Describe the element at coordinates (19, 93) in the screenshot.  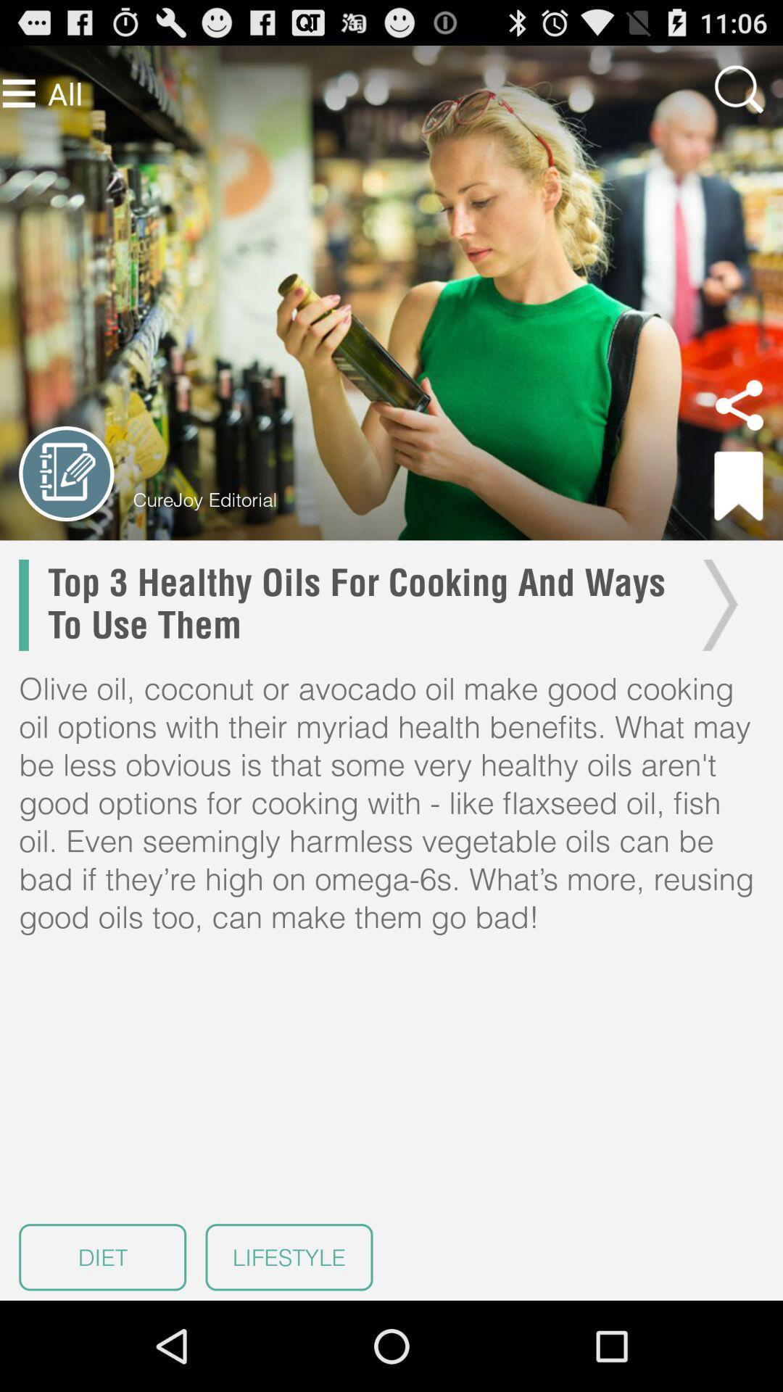
I see `the item to the left of all icon` at that location.